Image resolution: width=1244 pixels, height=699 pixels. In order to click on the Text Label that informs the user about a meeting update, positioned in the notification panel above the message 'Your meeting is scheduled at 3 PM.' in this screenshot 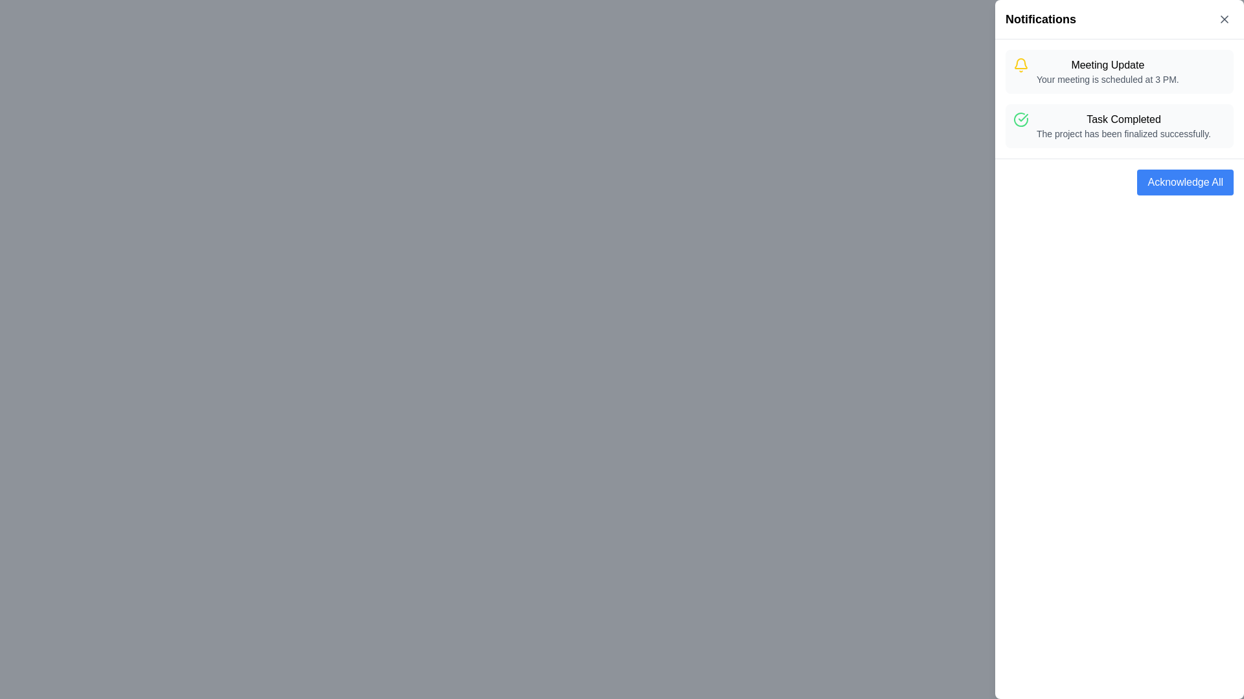, I will do `click(1107, 65)`.